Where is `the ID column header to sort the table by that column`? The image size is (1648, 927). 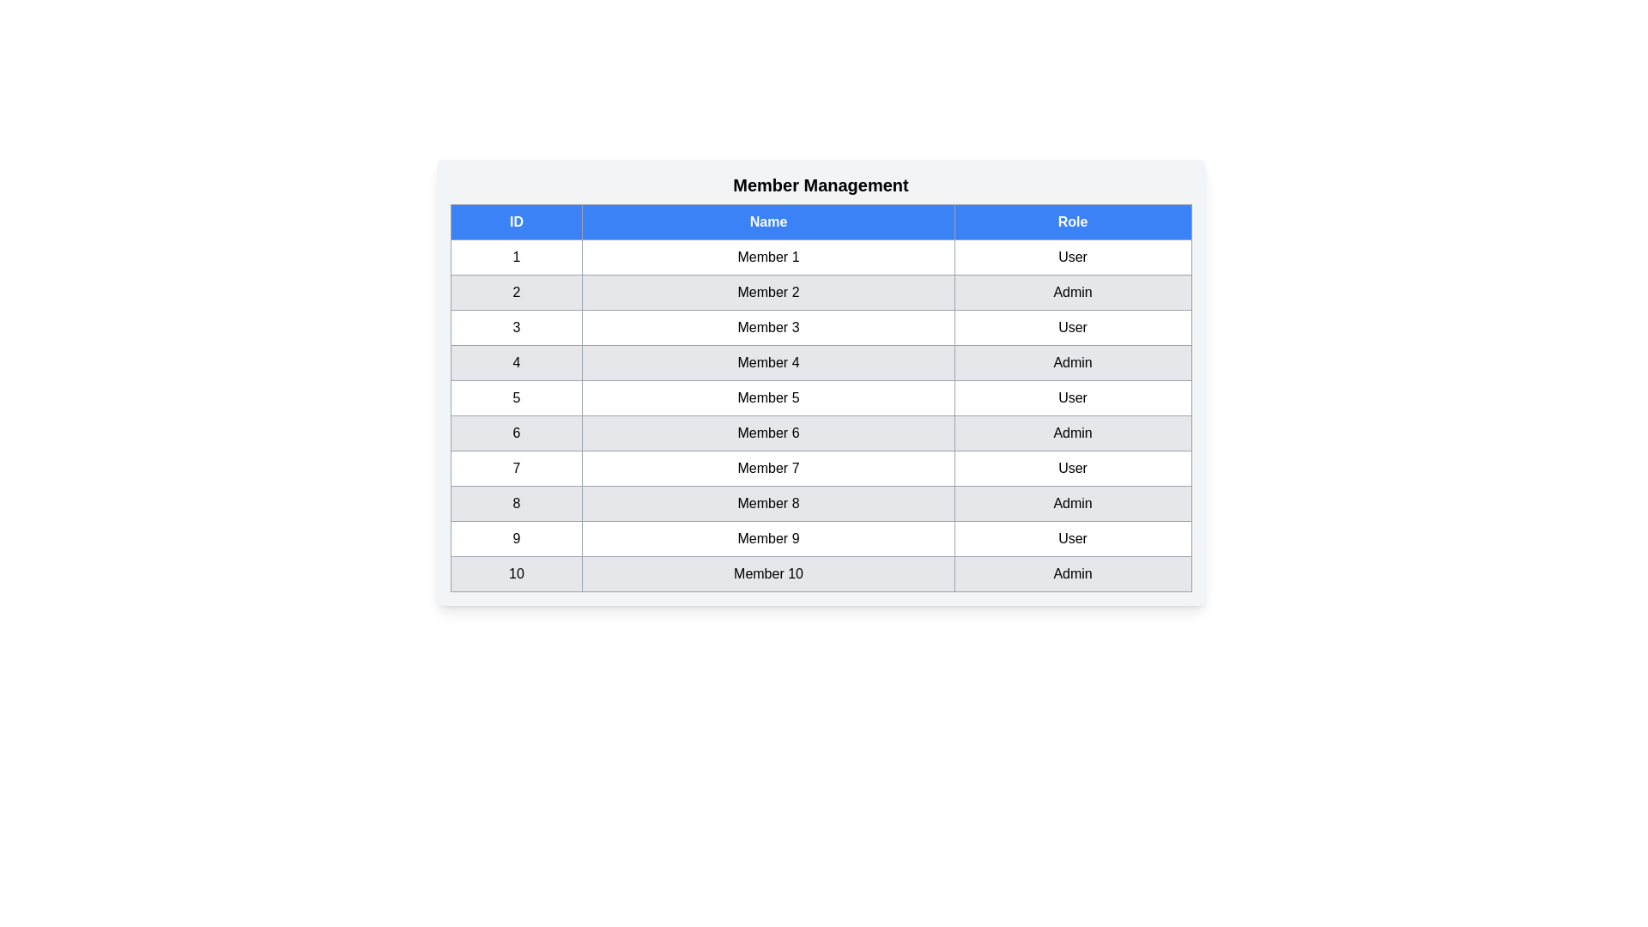 the ID column header to sort the table by that column is located at coordinates (515, 221).